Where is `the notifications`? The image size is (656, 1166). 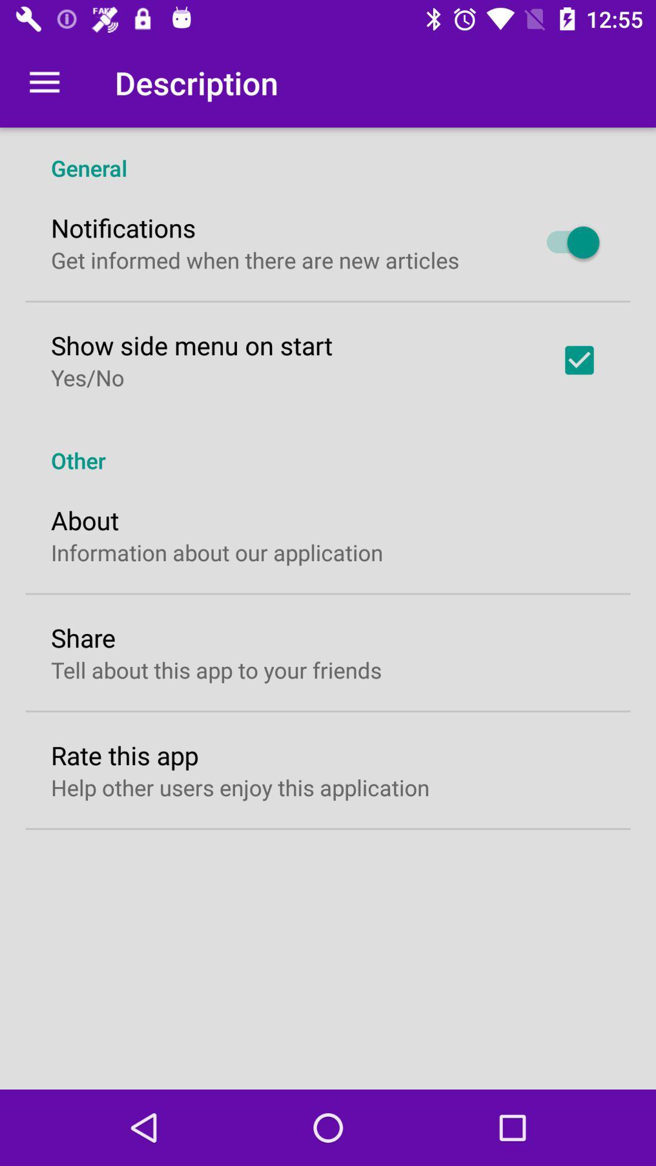
the notifications is located at coordinates (123, 227).